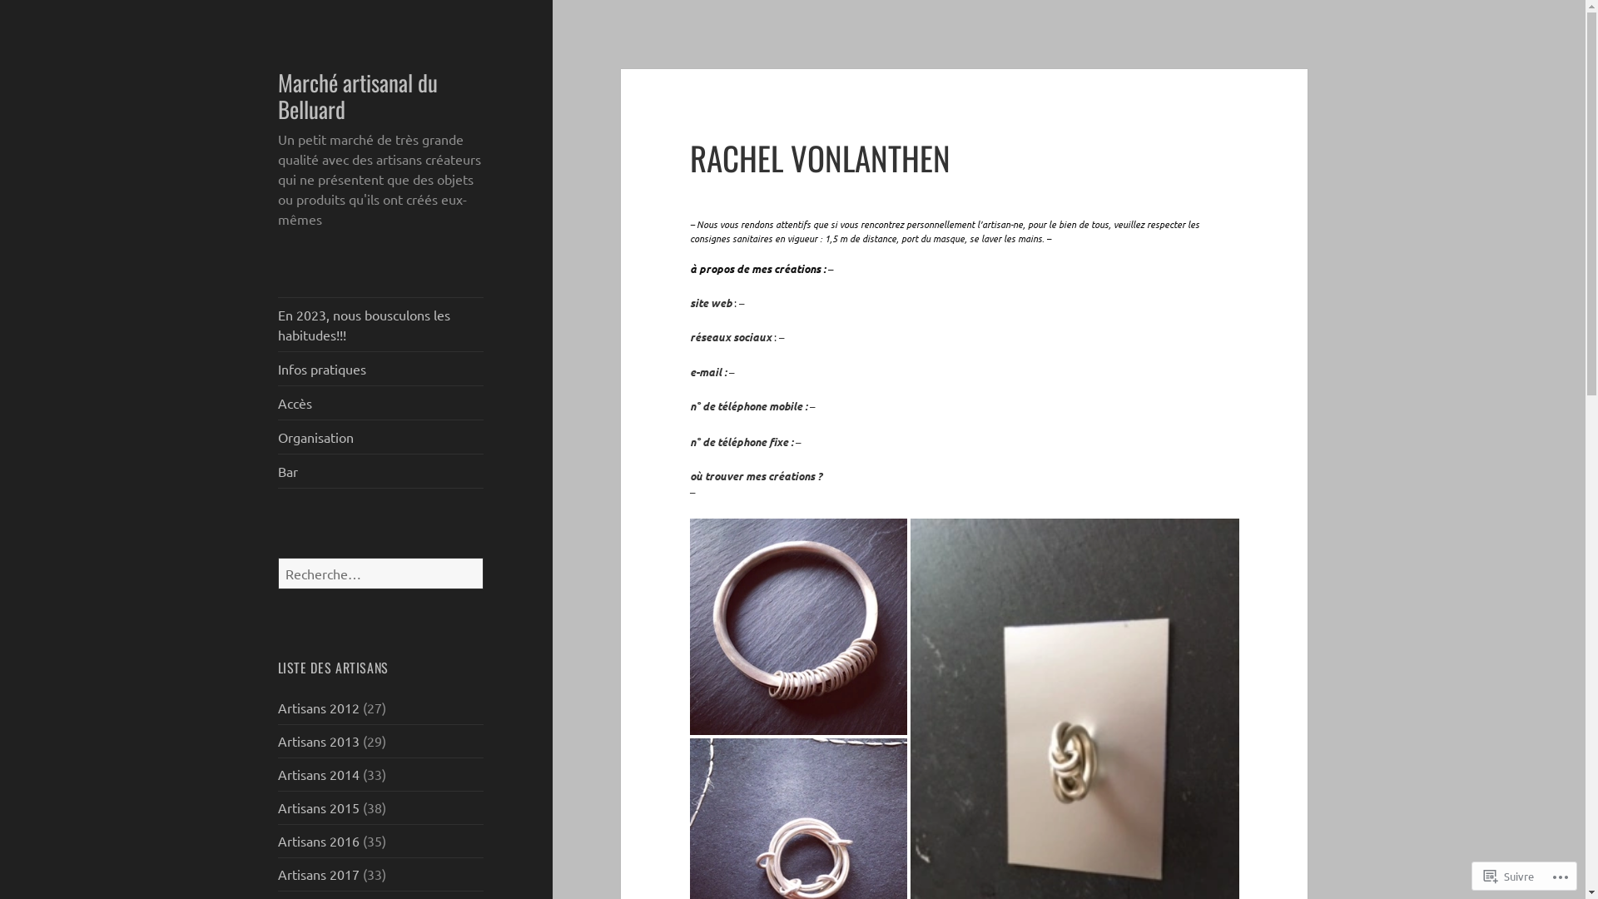 This screenshot has height=899, width=1598. Describe the element at coordinates (278, 773) in the screenshot. I see `'Artisans 2014'` at that location.